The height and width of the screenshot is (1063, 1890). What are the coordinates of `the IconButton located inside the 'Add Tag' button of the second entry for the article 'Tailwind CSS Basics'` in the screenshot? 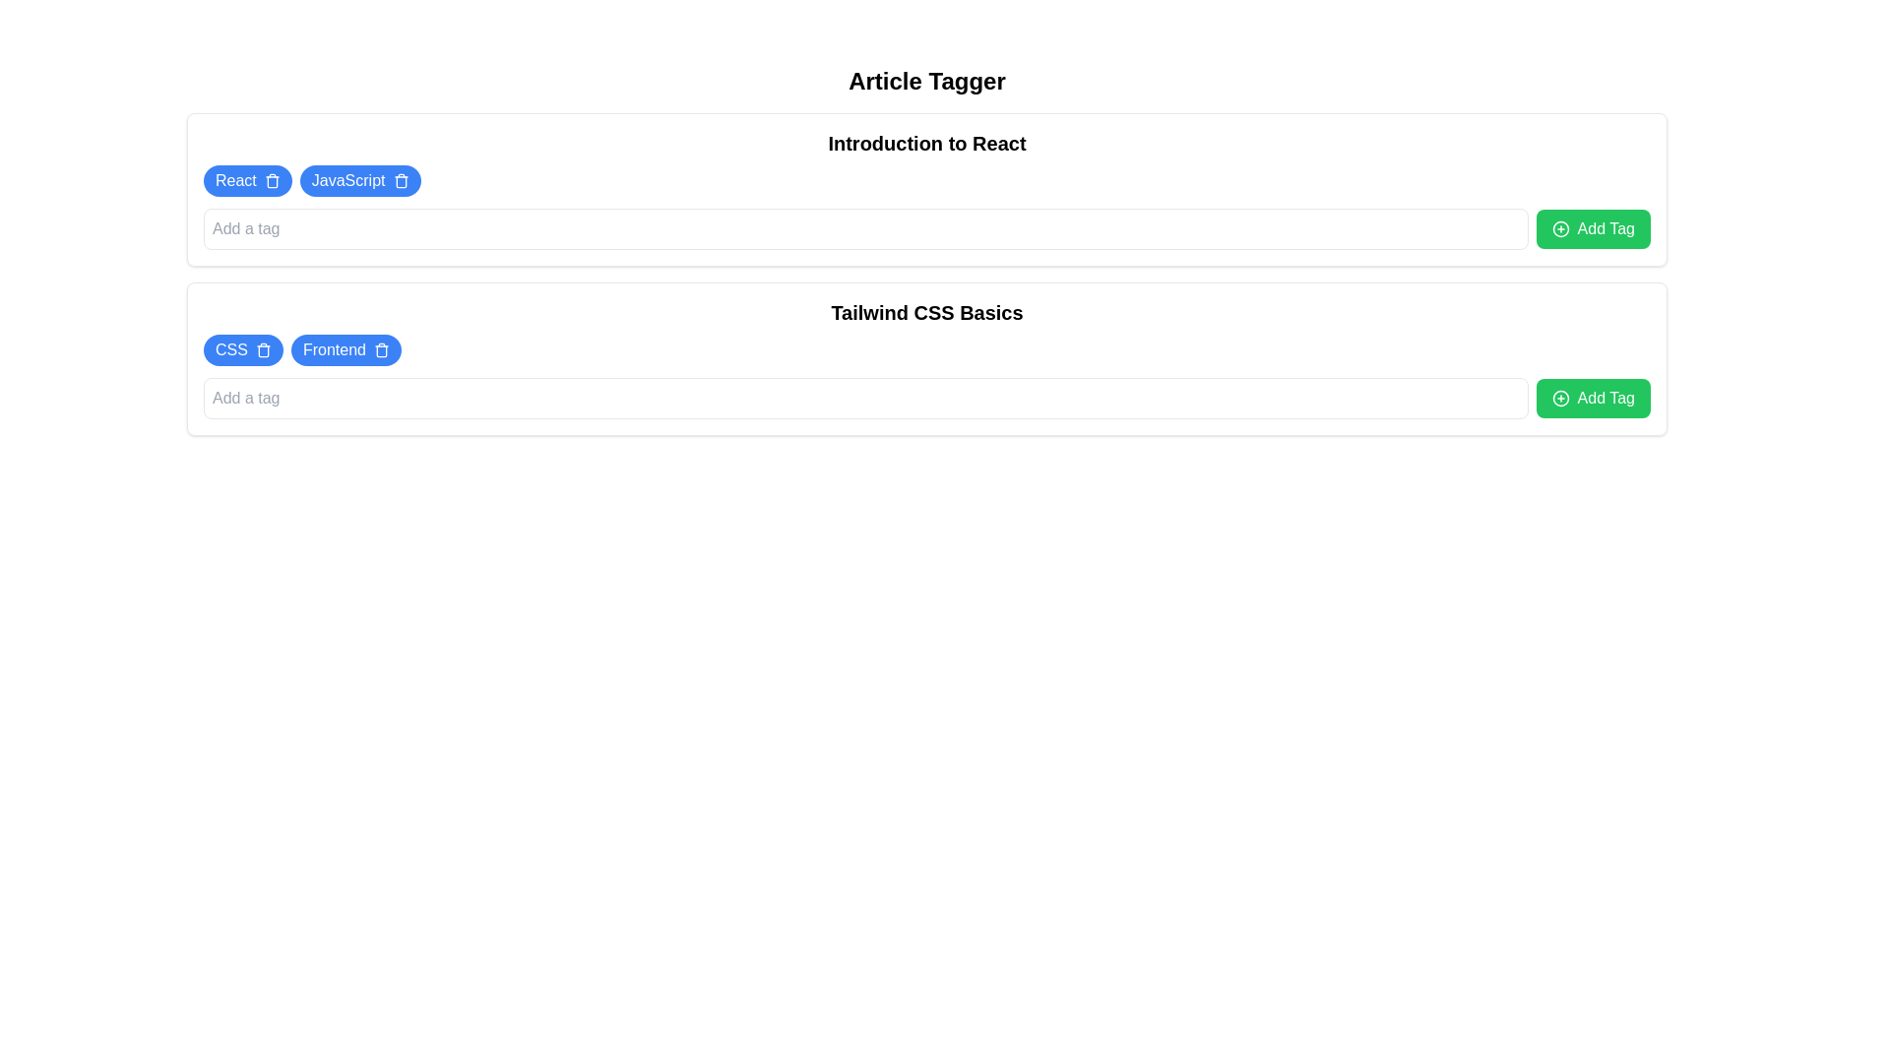 It's located at (1559, 399).